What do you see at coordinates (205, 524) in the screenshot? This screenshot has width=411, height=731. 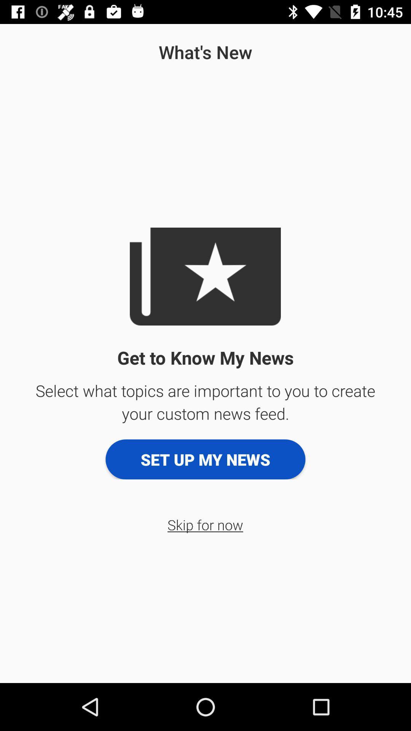 I see `the skip for now` at bounding box center [205, 524].